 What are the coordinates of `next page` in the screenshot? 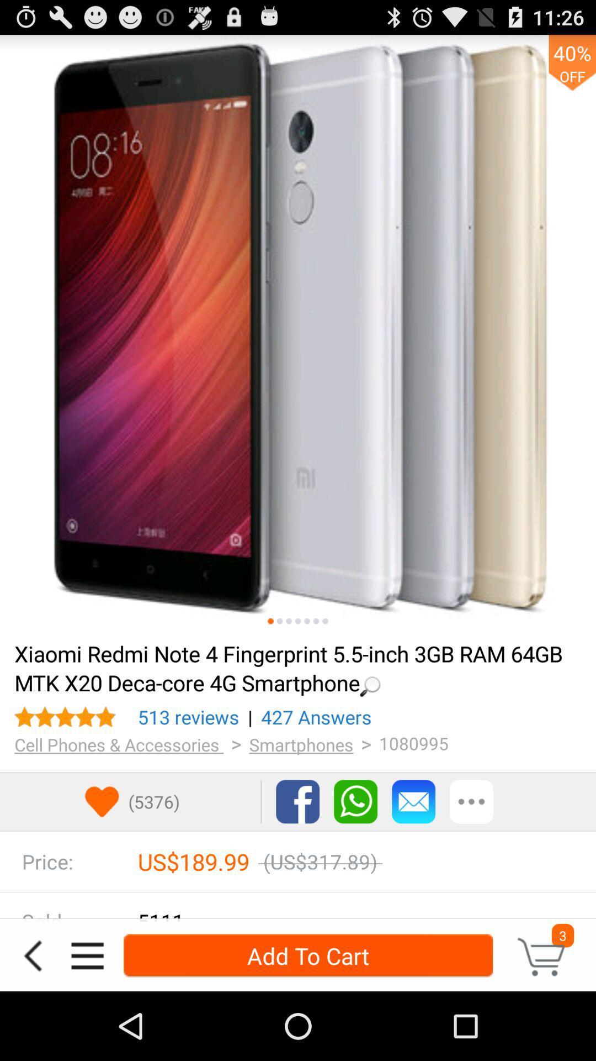 It's located at (298, 621).